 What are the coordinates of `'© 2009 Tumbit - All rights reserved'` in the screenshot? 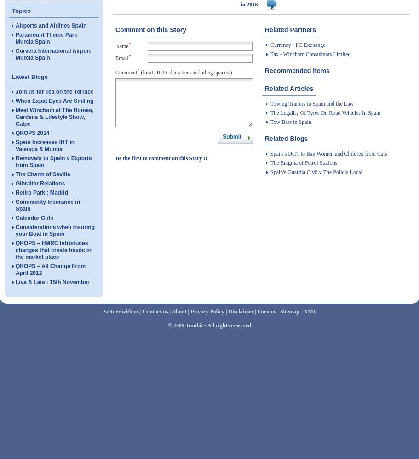 It's located at (209, 325).